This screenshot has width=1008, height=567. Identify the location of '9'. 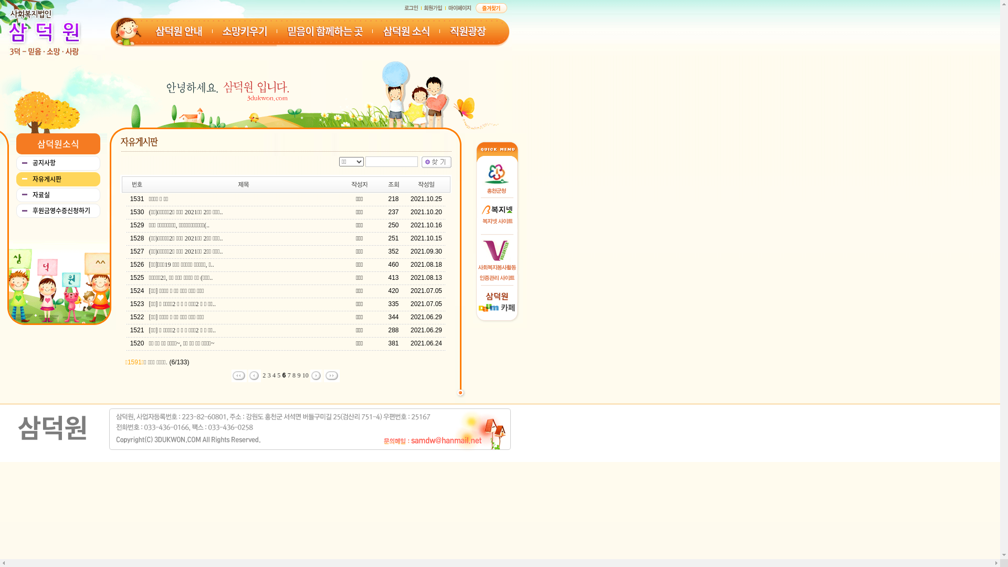
(298, 374).